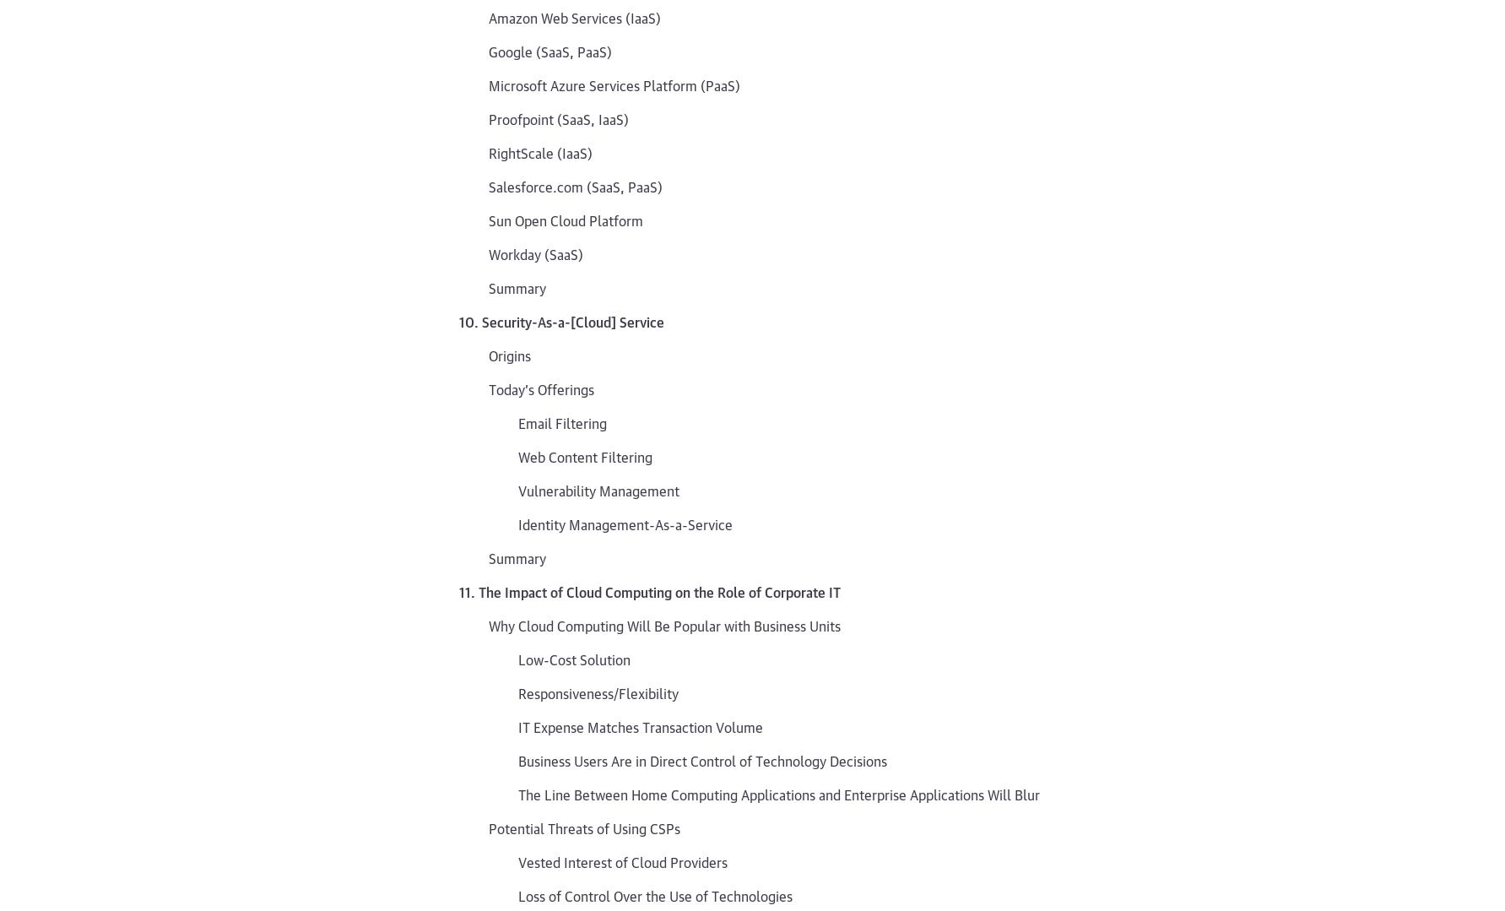  Describe the element at coordinates (550, 49) in the screenshot. I see `'Google (SaaS, PaaS)'` at that location.